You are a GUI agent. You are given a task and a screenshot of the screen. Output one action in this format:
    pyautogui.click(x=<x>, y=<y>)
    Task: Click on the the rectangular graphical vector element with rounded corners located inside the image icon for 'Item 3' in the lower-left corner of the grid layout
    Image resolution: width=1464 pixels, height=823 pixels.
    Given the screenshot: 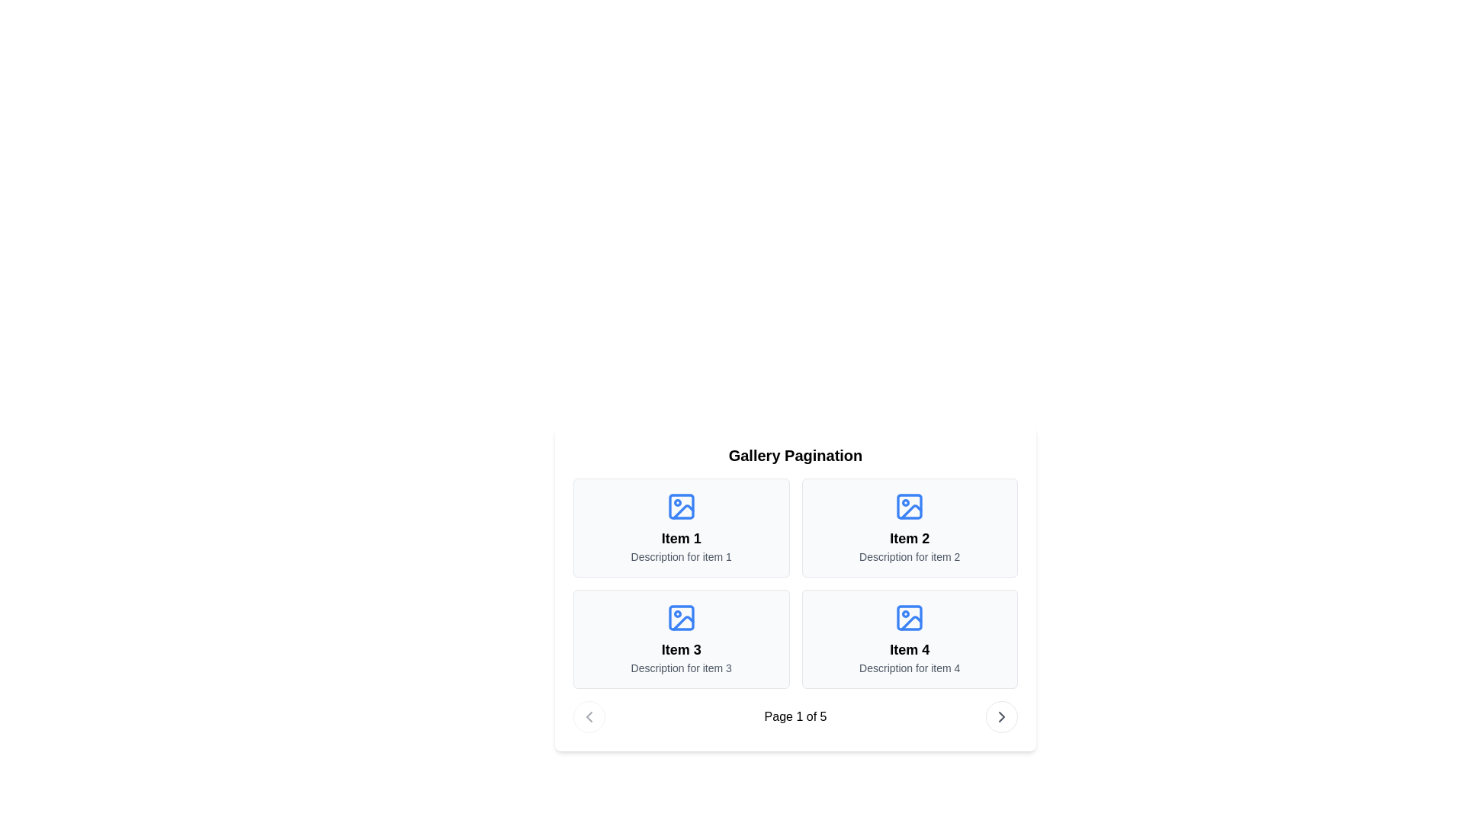 What is the action you would take?
    pyautogui.click(x=680, y=617)
    